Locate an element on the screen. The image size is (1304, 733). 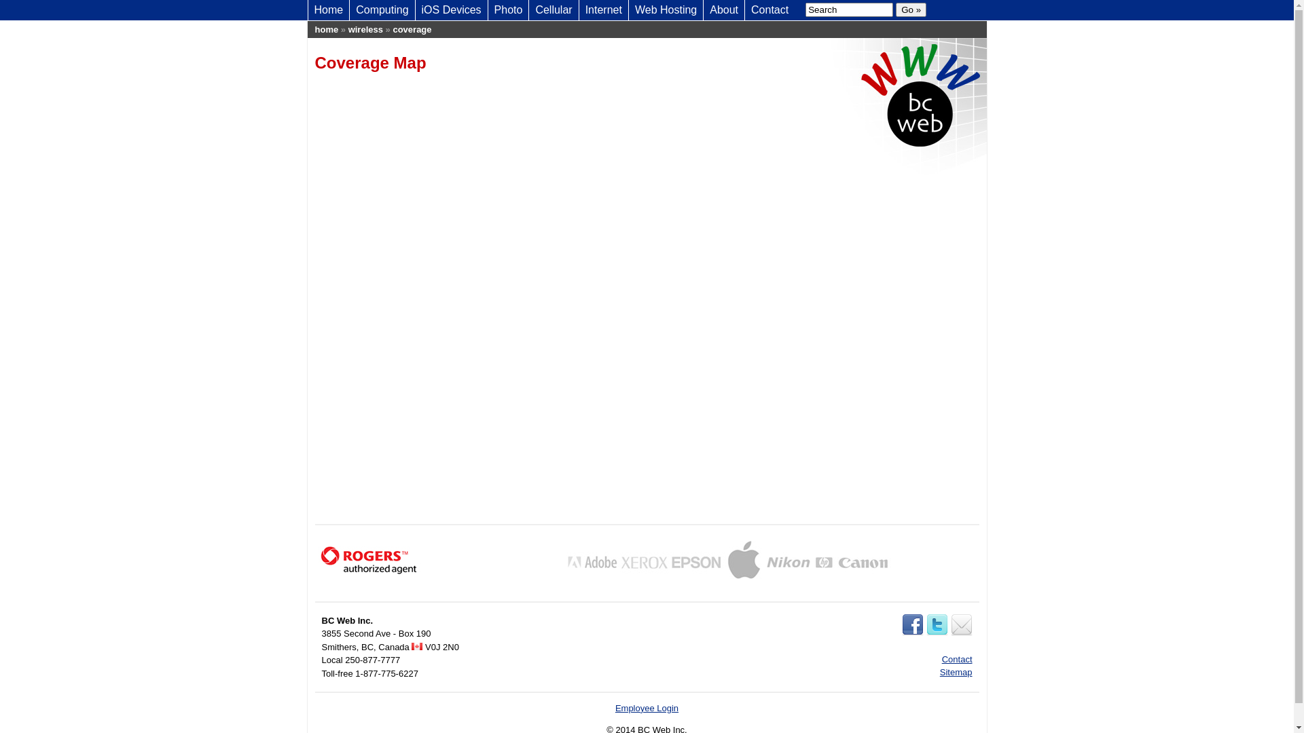
'Photo' is located at coordinates (507, 10).